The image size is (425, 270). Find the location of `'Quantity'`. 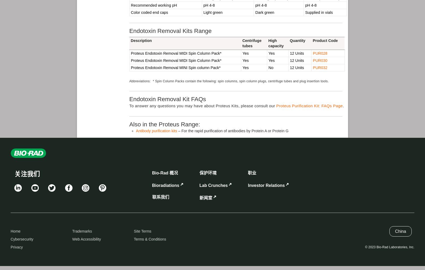

'Quantity' is located at coordinates (298, 40).